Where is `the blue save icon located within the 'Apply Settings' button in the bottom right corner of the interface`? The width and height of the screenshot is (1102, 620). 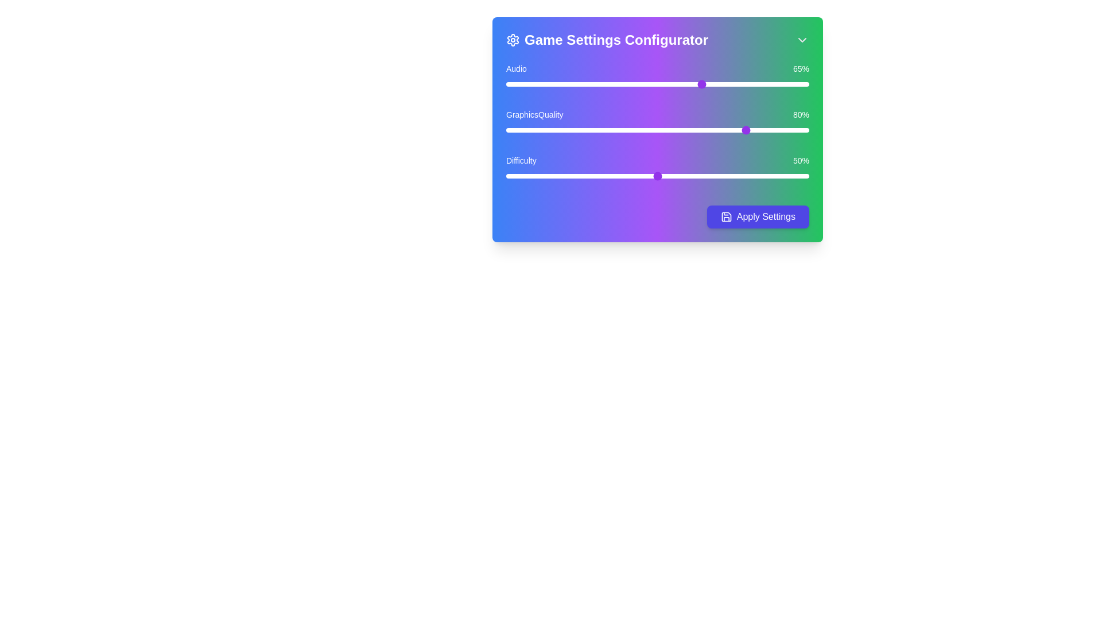
the blue save icon located within the 'Apply Settings' button in the bottom right corner of the interface is located at coordinates (725, 217).